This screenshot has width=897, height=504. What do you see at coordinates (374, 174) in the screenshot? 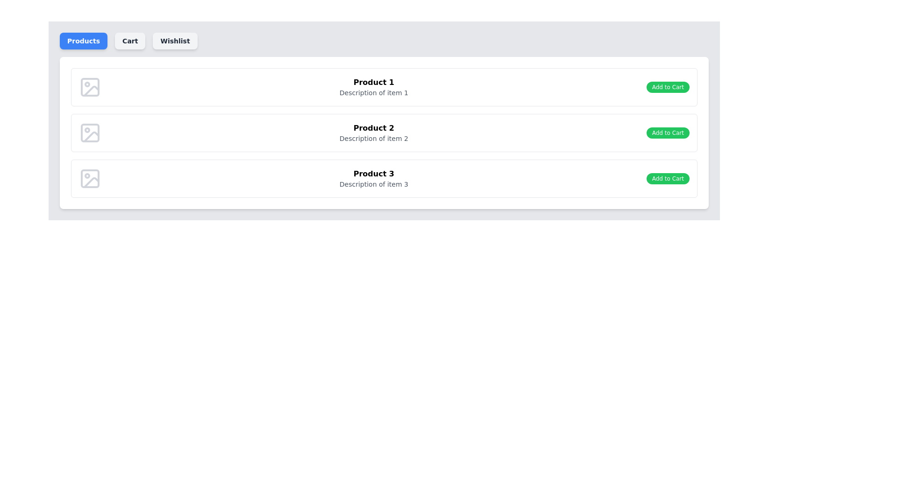
I see `the bold text heading that acts as the title for the third product in the vertical list` at bounding box center [374, 174].